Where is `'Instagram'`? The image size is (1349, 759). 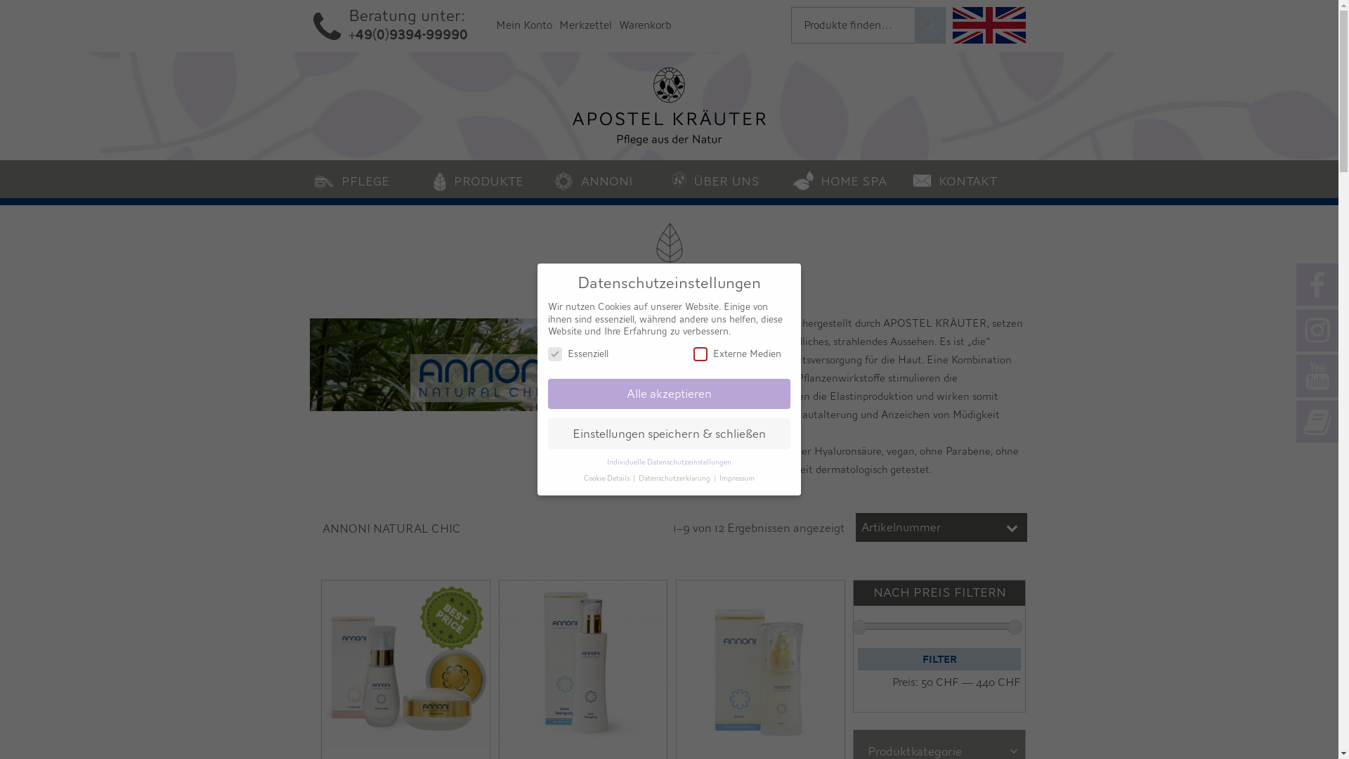
'Instagram' is located at coordinates (1317, 330).